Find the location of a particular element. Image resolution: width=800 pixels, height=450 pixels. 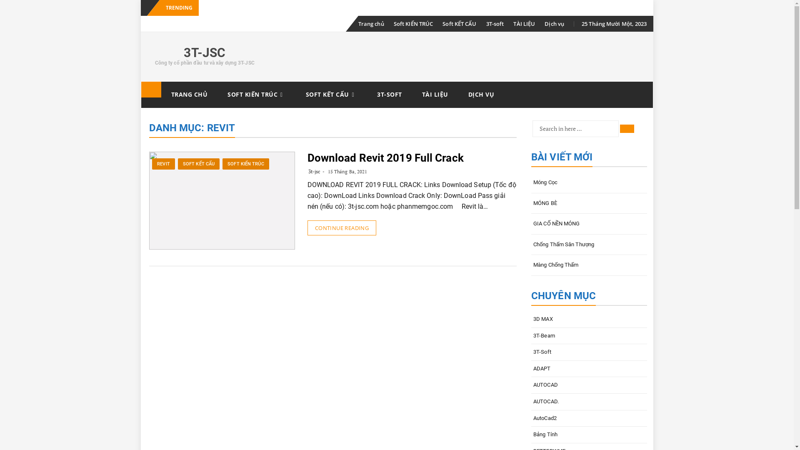

'Search' is located at coordinates (627, 128).